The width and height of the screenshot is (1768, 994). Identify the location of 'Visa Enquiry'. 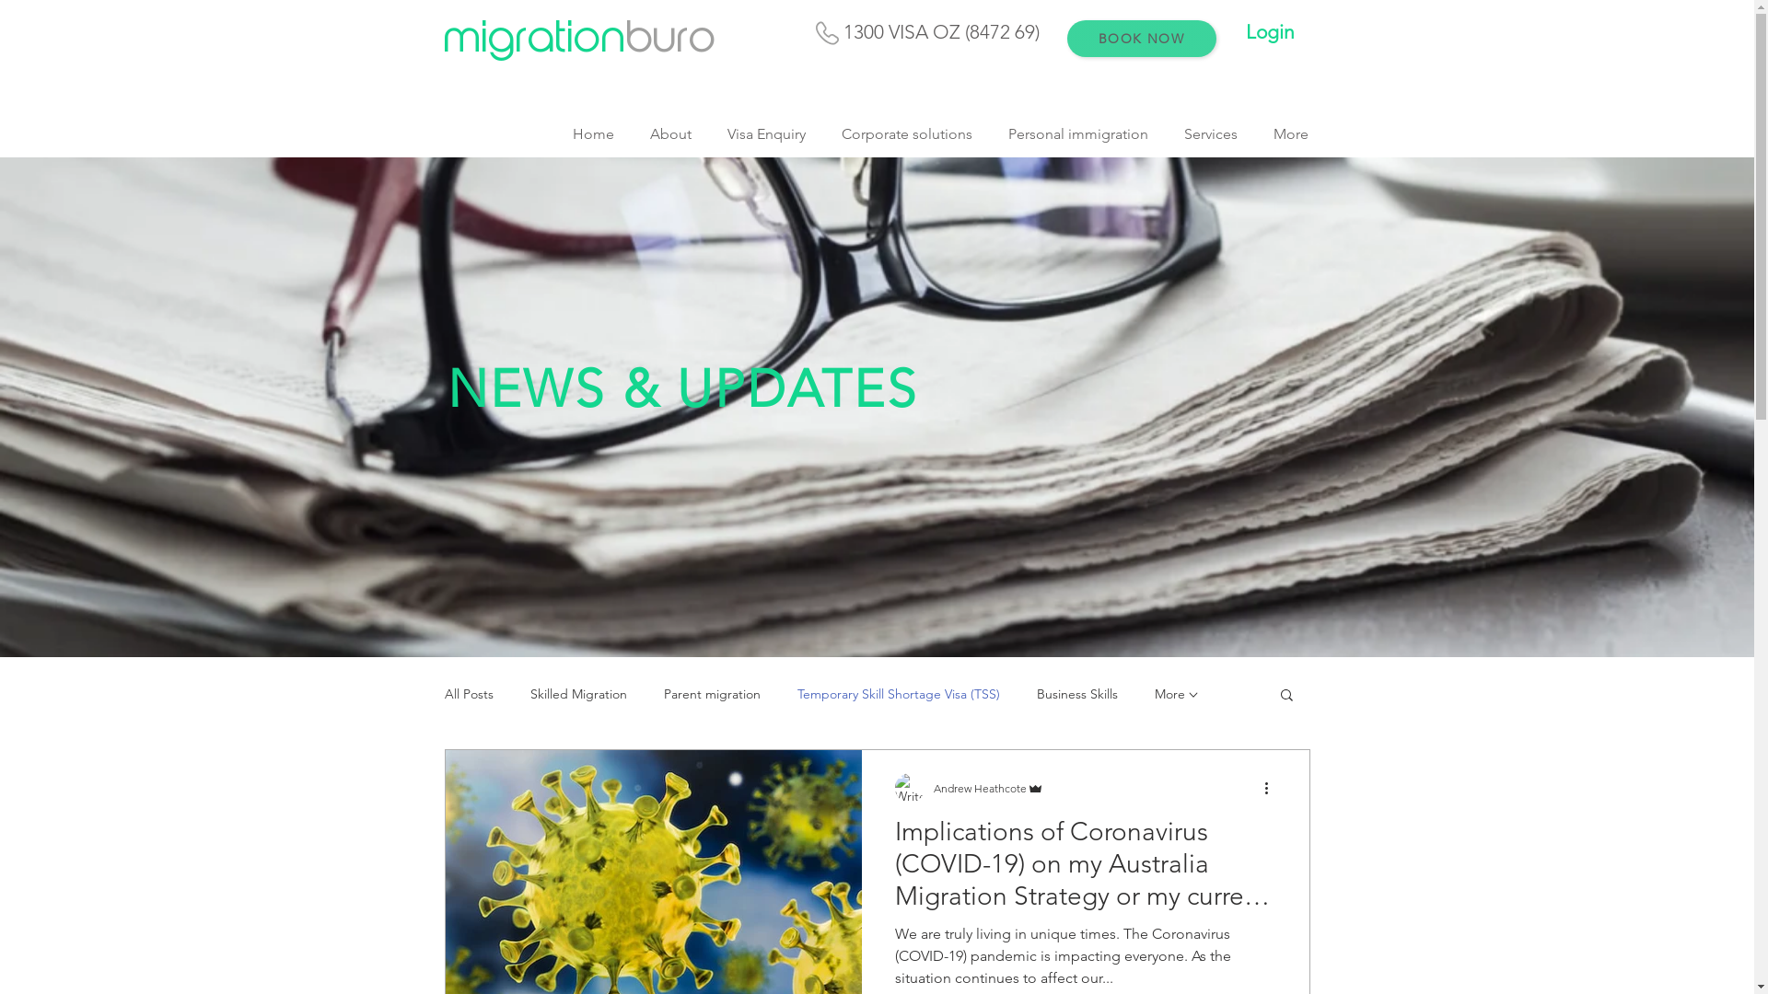
(765, 133).